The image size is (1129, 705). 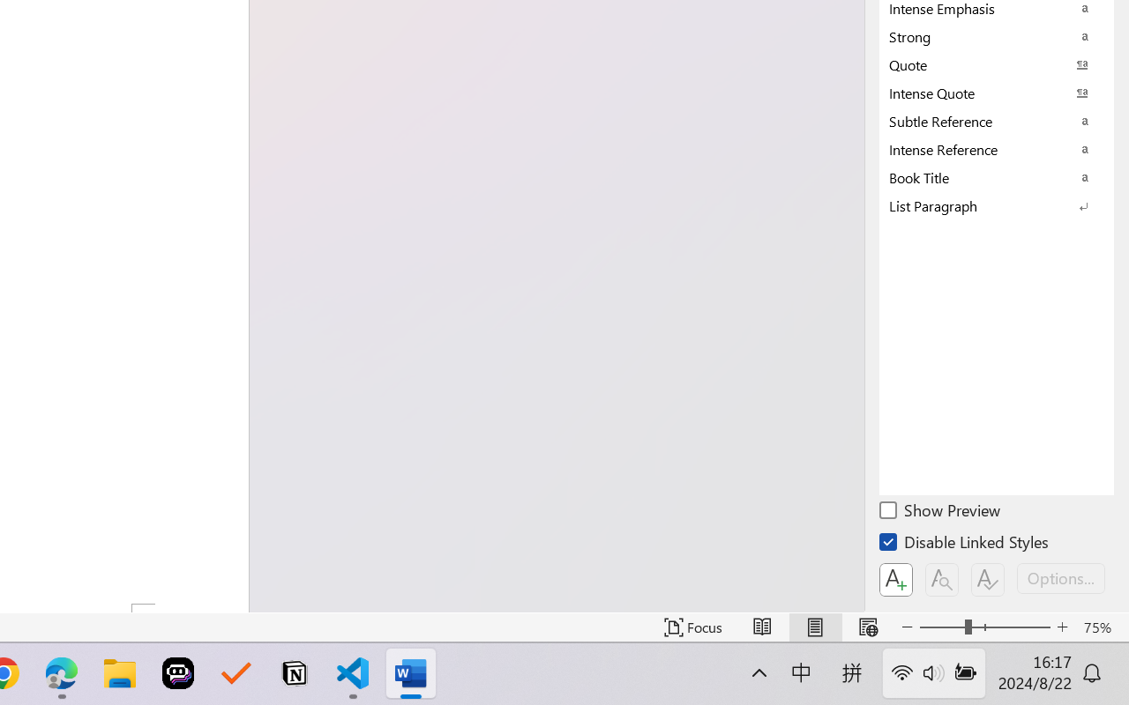 I want to click on 'Class: NetUIButton', so click(x=988, y=579).